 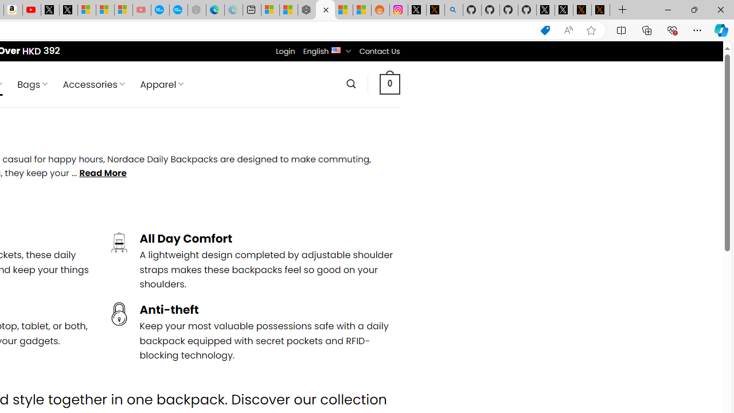 I want to click on 'Nordace - Best Sellers', so click(x=307, y=10).